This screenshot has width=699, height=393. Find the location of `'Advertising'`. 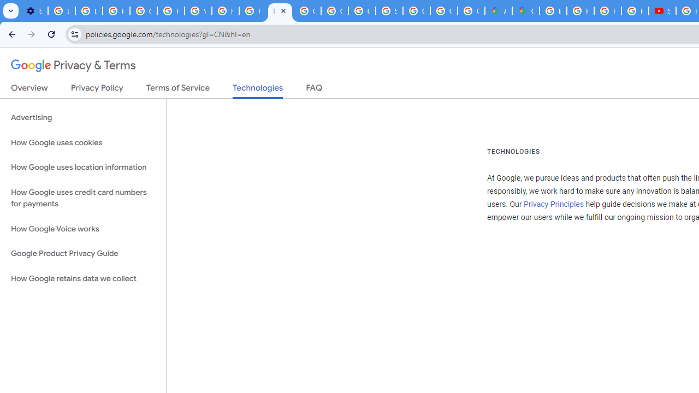

'Advertising' is located at coordinates (82, 118).